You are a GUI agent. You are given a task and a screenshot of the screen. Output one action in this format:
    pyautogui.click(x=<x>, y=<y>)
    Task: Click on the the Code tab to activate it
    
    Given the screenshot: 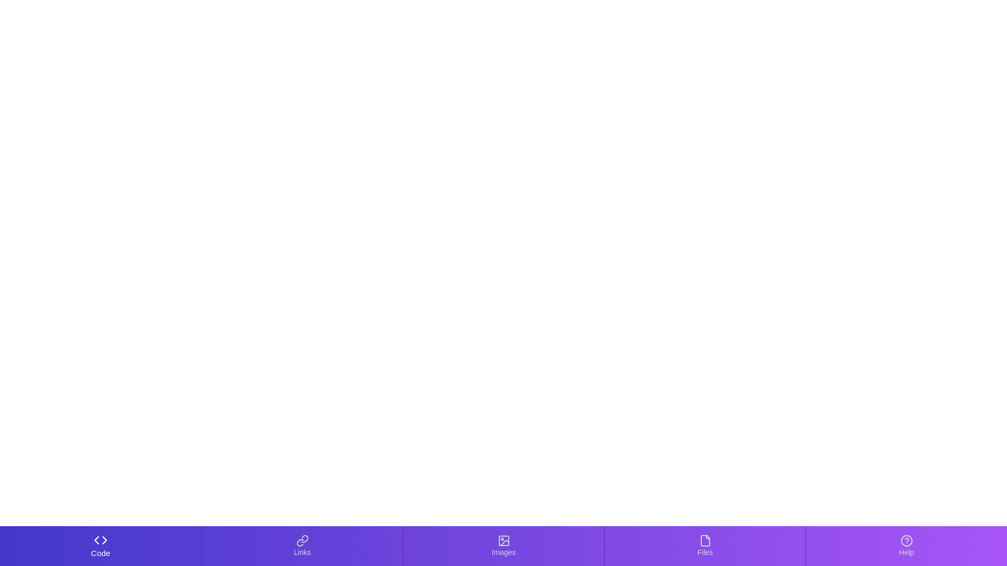 What is the action you would take?
    pyautogui.click(x=101, y=545)
    